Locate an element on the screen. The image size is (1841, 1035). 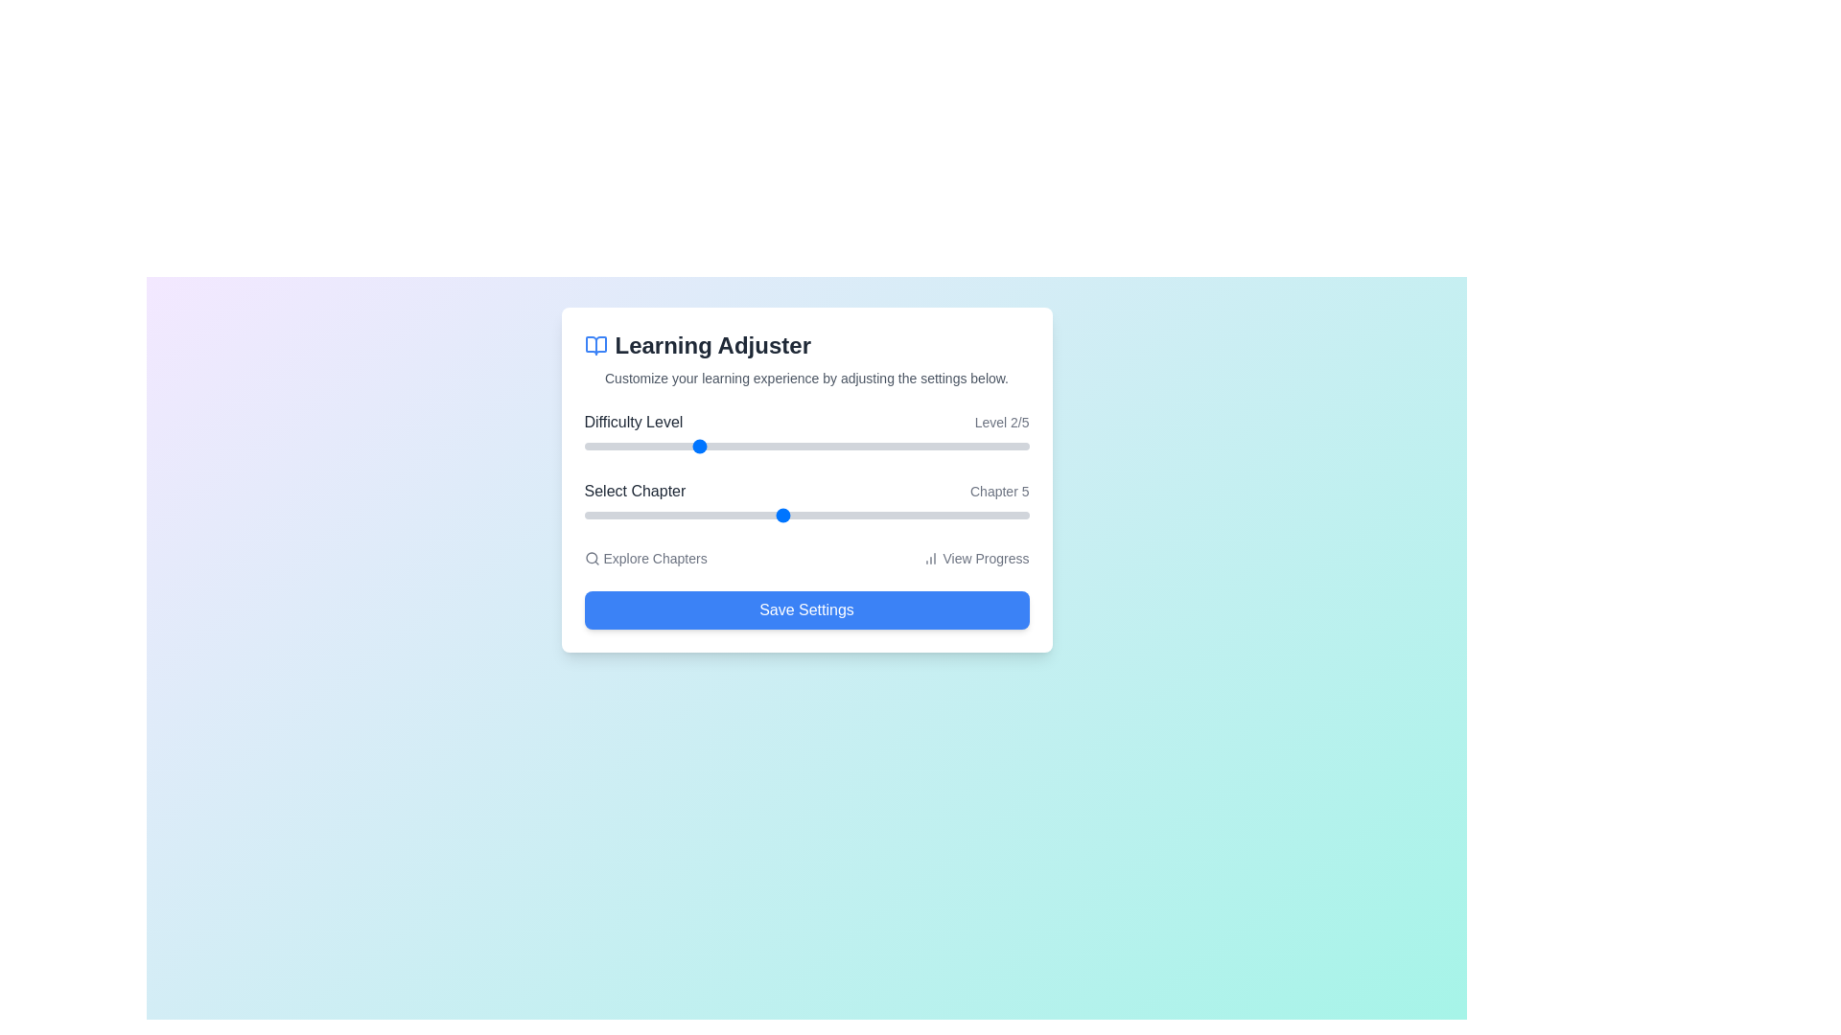
the search icon located on the left side of the 'Explore Chapters' button to trigger a tooltip or visual feedback is located at coordinates (591, 558).